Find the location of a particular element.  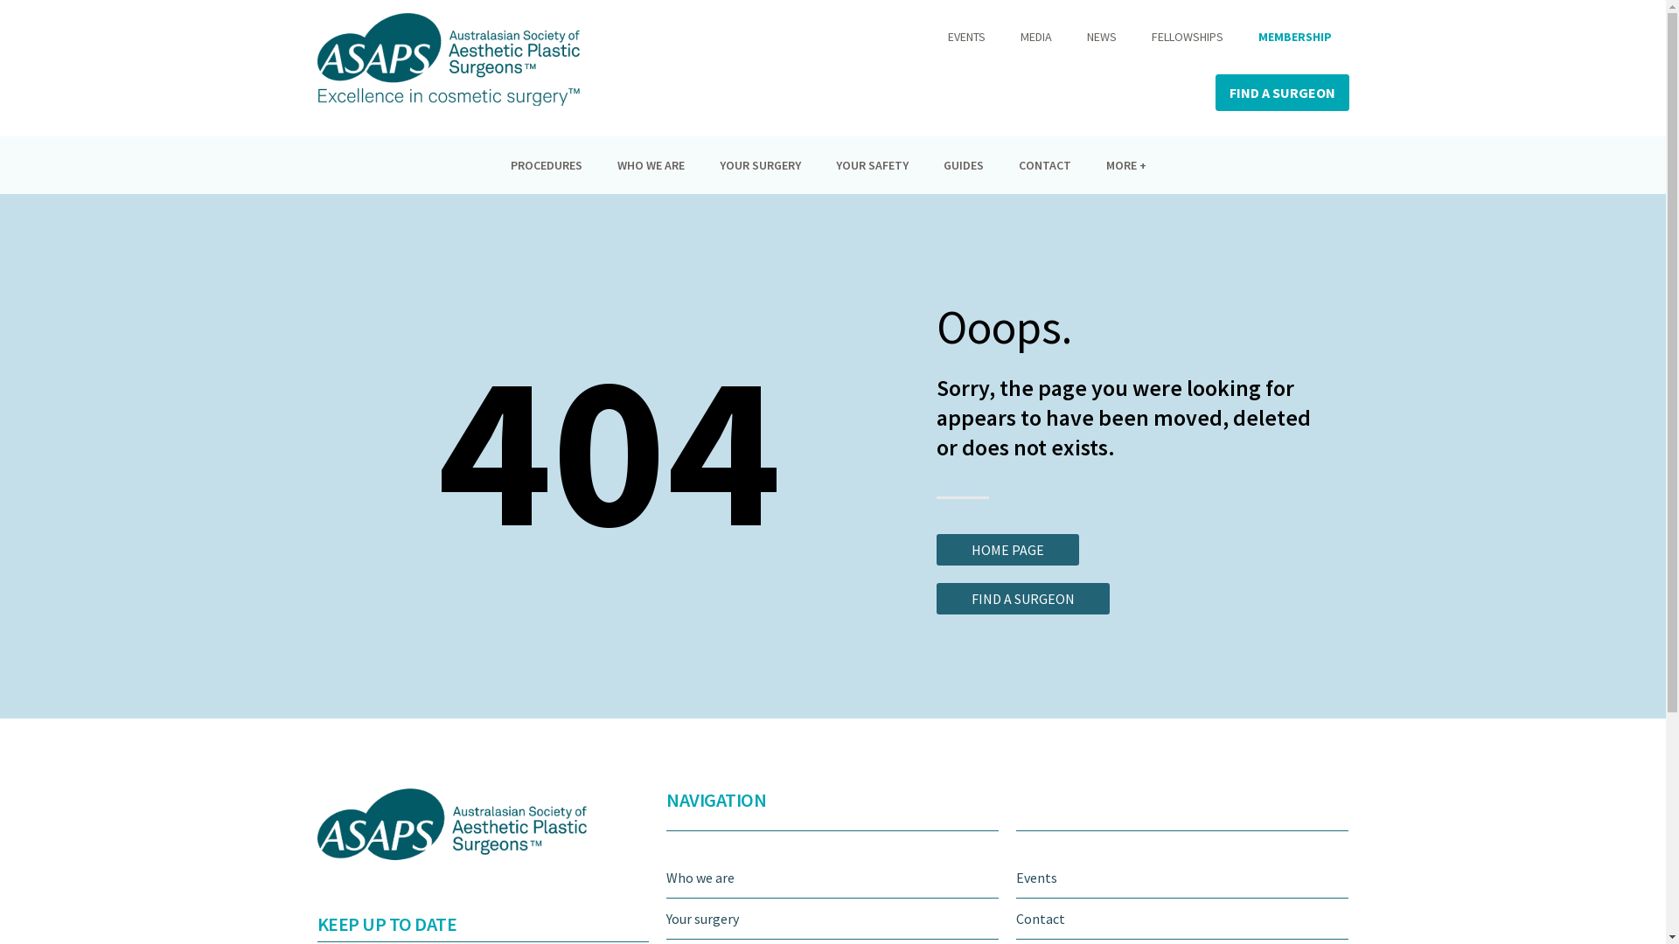

'NEWS' is located at coordinates (1099, 37).